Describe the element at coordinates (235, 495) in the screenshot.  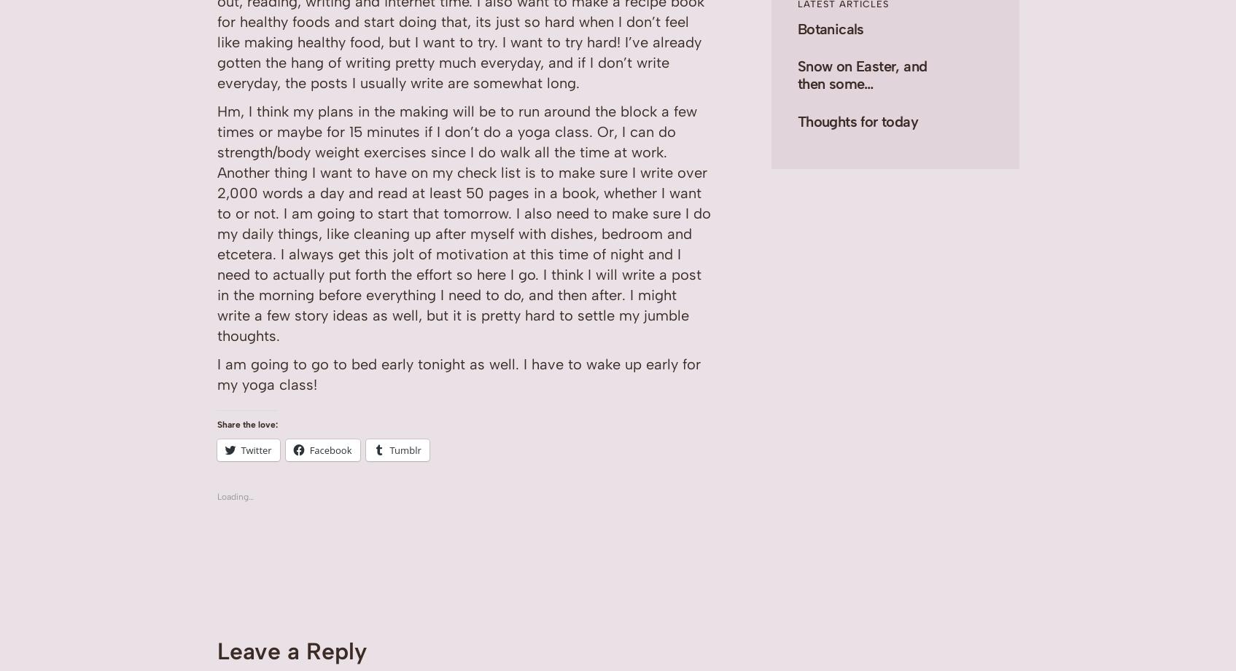
I see `'Loading…'` at that location.